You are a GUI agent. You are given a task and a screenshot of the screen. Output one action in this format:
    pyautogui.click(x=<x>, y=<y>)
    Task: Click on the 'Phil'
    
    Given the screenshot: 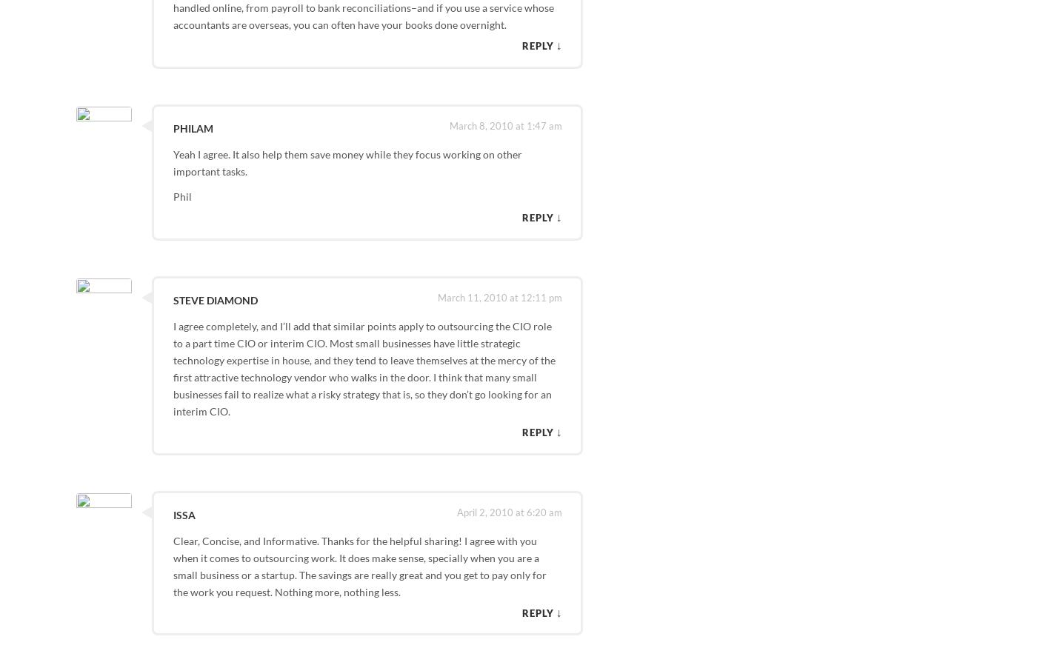 What is the action you would take?
    pyautogui.click(x=181, y=196)
    